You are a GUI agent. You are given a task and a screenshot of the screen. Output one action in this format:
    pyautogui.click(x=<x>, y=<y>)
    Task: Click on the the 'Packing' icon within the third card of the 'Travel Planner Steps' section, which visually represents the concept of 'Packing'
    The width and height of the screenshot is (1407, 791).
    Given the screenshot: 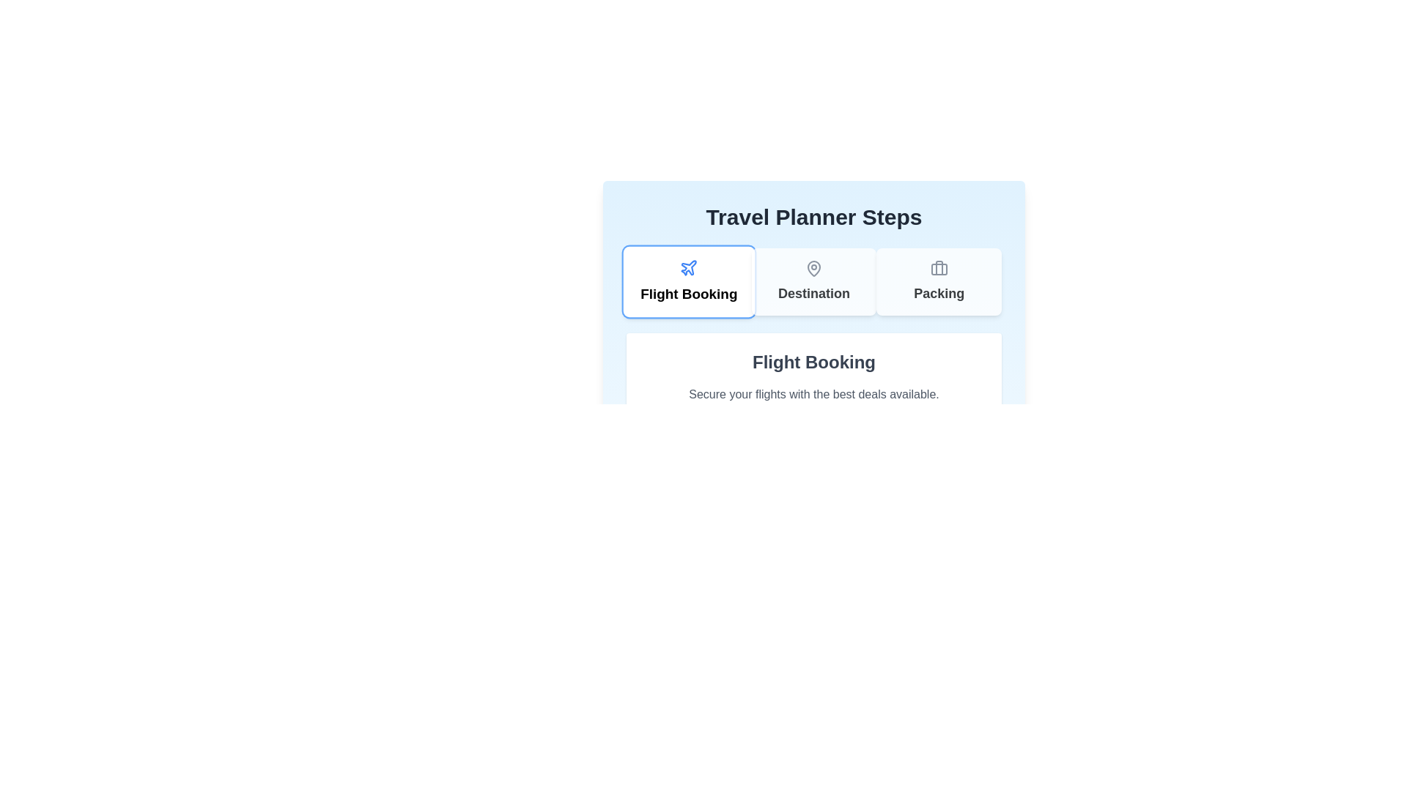 What is the action you would take?
    pyautogui.click(x=939, y=268)
    